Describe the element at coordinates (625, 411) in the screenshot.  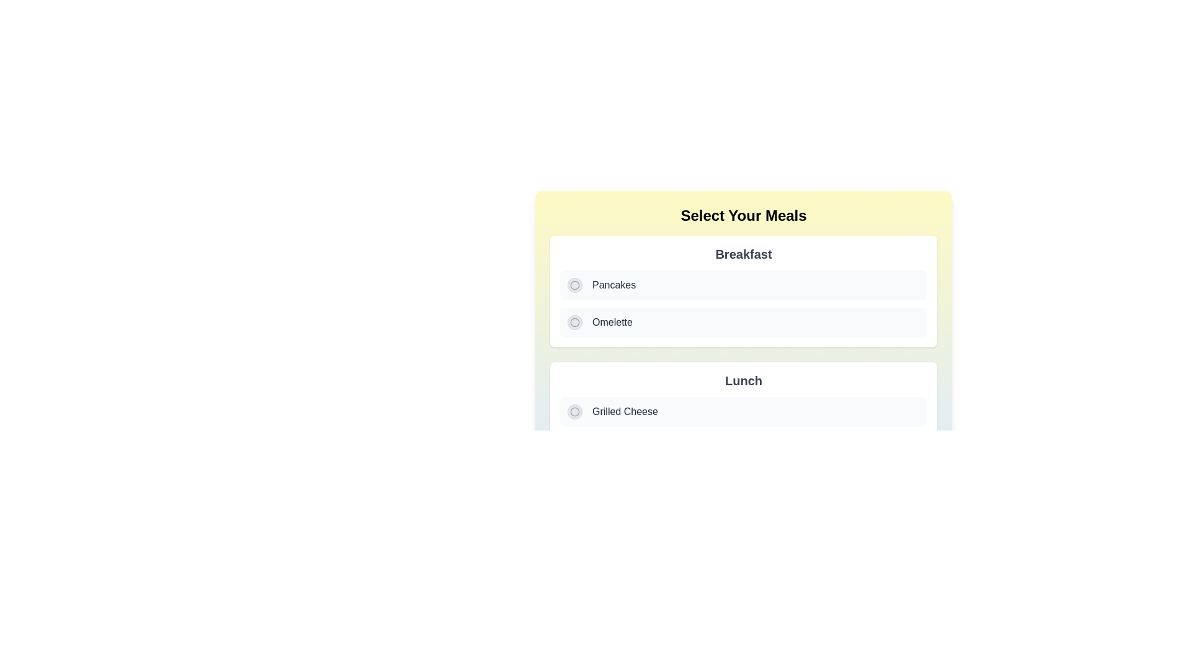
I see `the text label describing the food item 'Grilled Cheese', which is located in the second section of a vertical list under the 'Lunch' heading and aligned to the right of its adjacent circular selection indicator` at that location.